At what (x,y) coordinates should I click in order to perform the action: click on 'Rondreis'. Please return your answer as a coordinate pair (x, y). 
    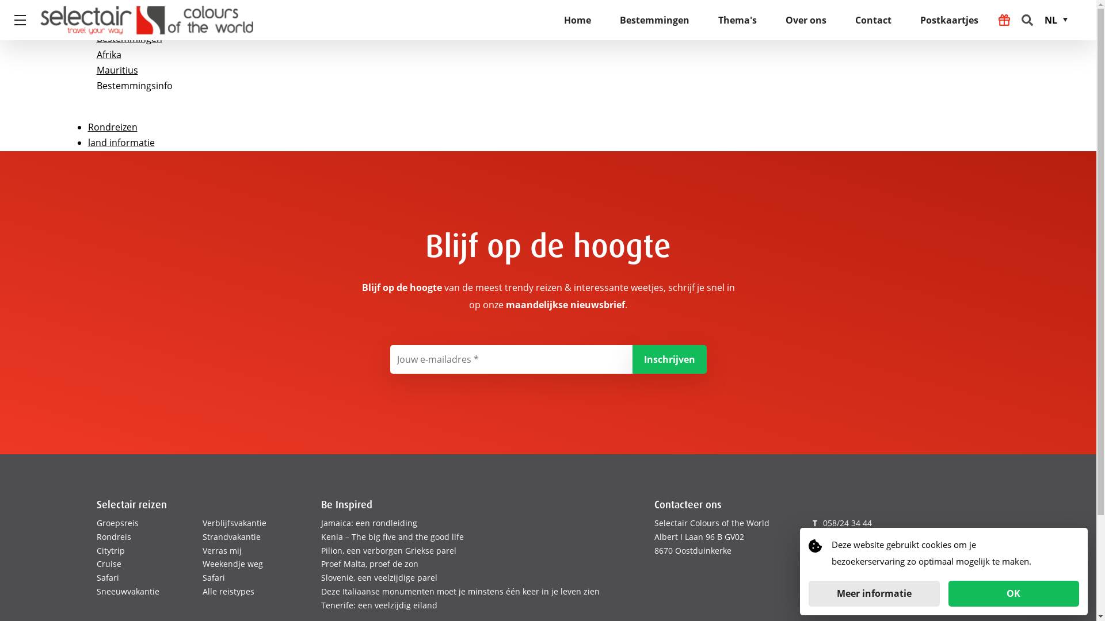
    Looking at the image, I should click on (113, 536).